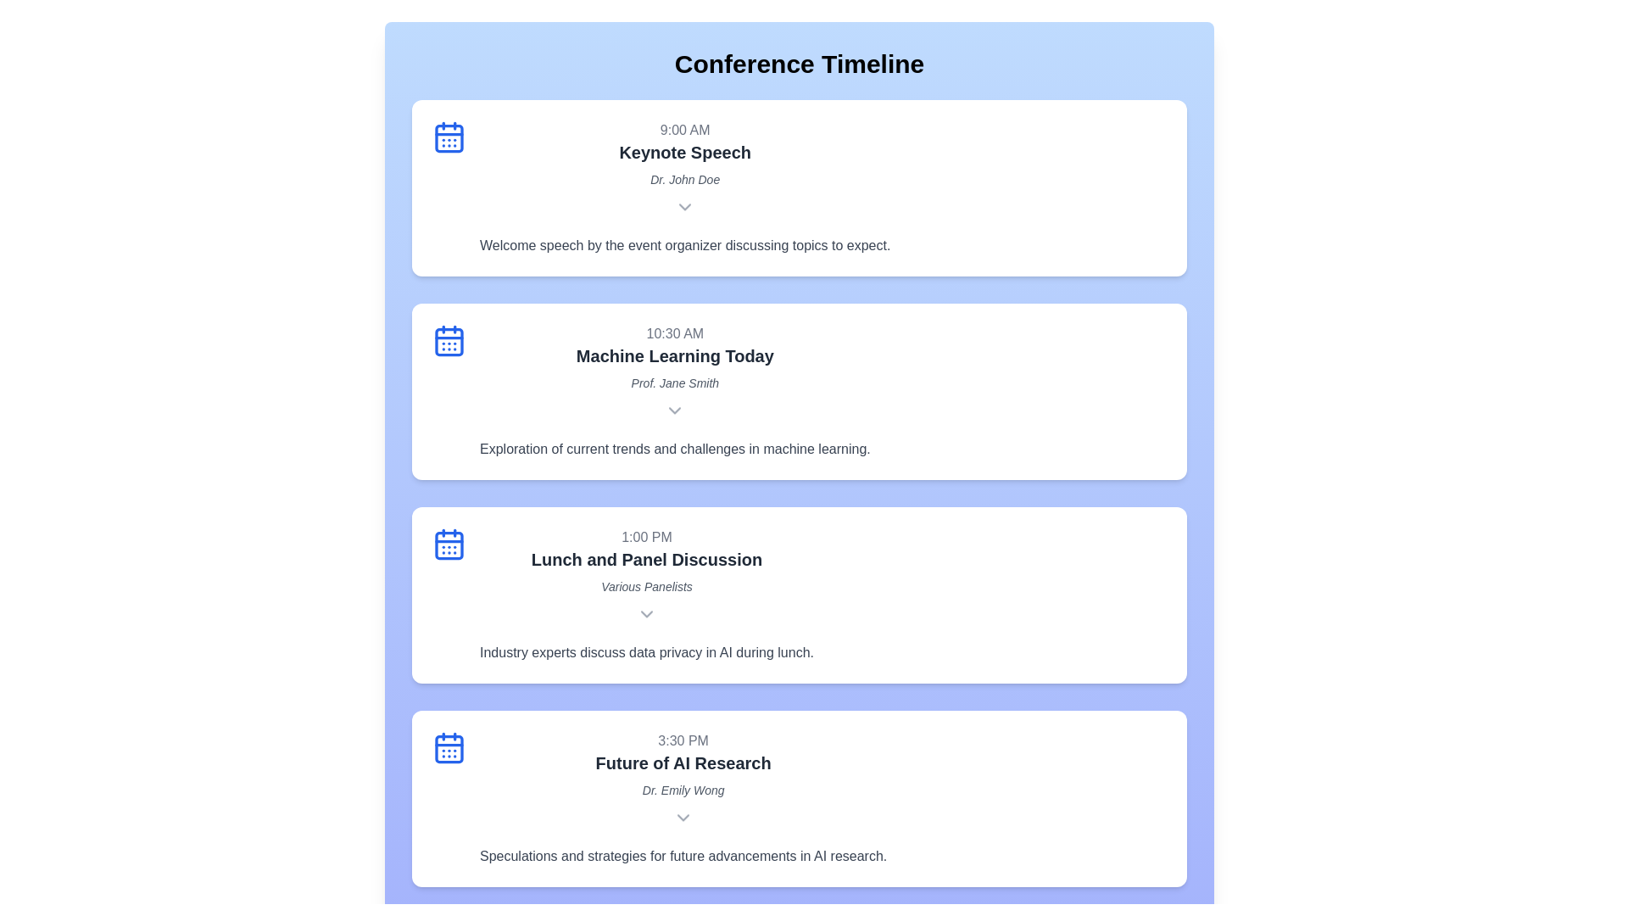 The image size is (1628, 916). Describe the element at coordinates (646, 537) in the screenshot. I see `the text displaying '1:00 PM' in medium gray font, located above the subheading 'Lunch and Panel Discussion' in a timeline interface` at that location.